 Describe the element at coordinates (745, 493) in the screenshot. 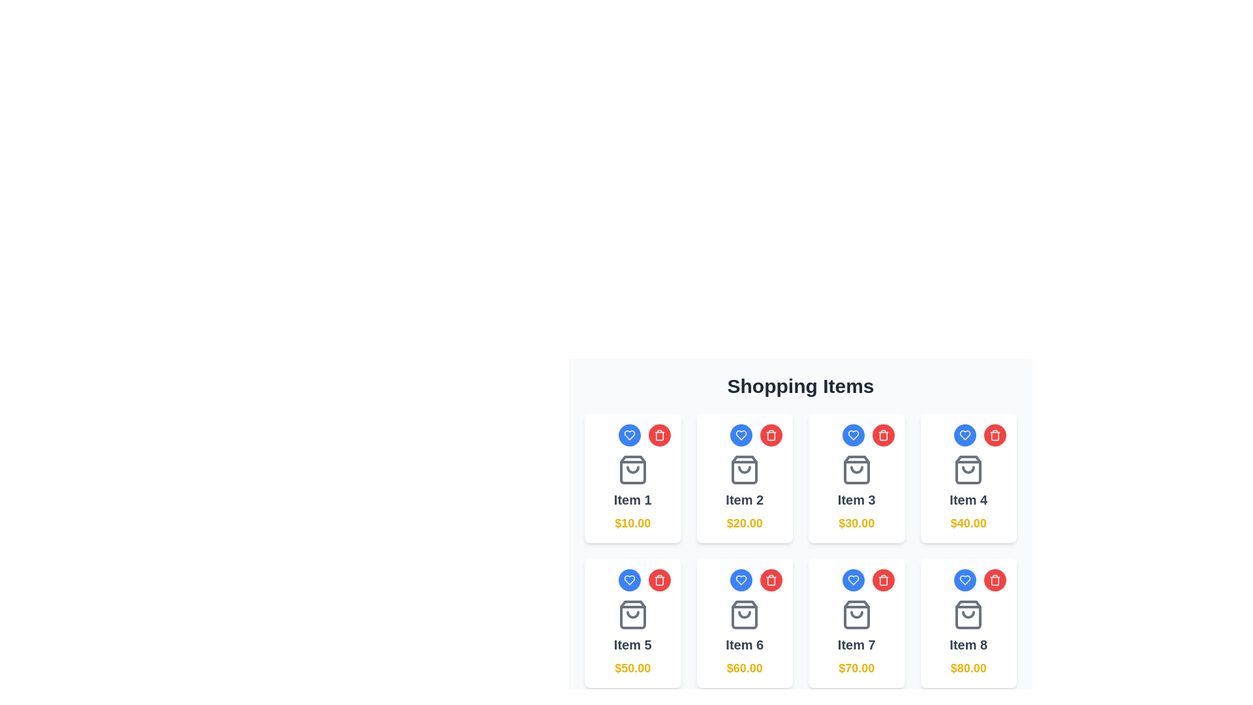

I see `the title of the product card located in the first row and second column of the grid layout to view the product details` at that location.